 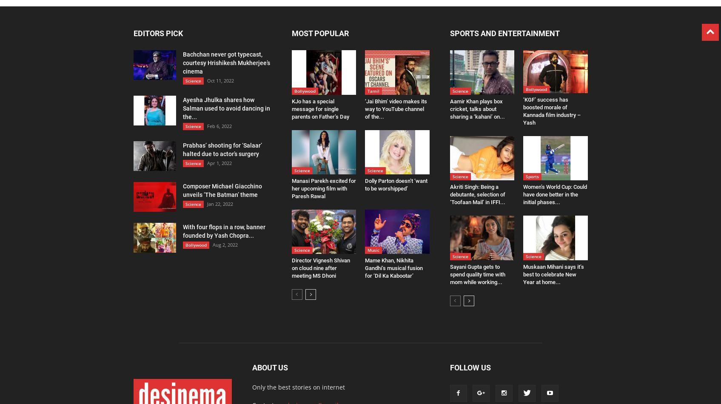 What do you see at coordinates (222, 149) in the screenshot?
I see `'Prabhas’ shooting for ‘Salaar’ halted due to actor’s surgery'` at bounding box center [222, 149].